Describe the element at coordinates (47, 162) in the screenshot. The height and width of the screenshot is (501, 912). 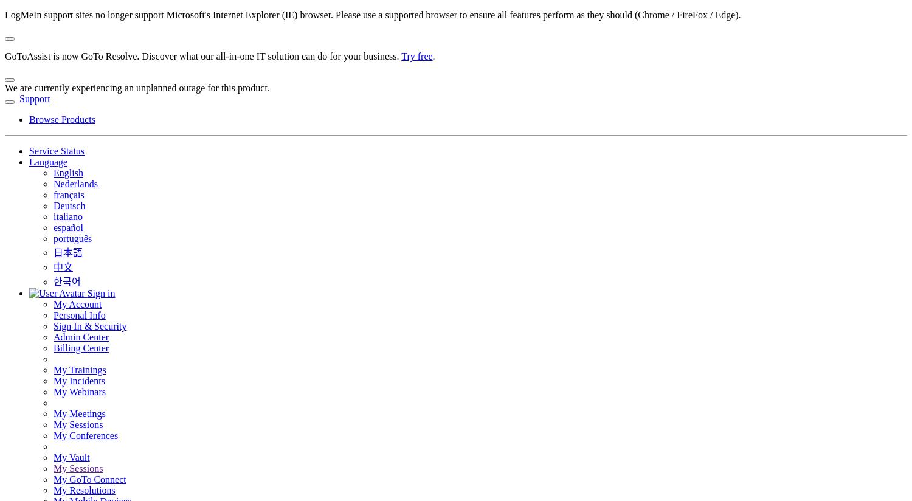
I see `'Language'` at that location.